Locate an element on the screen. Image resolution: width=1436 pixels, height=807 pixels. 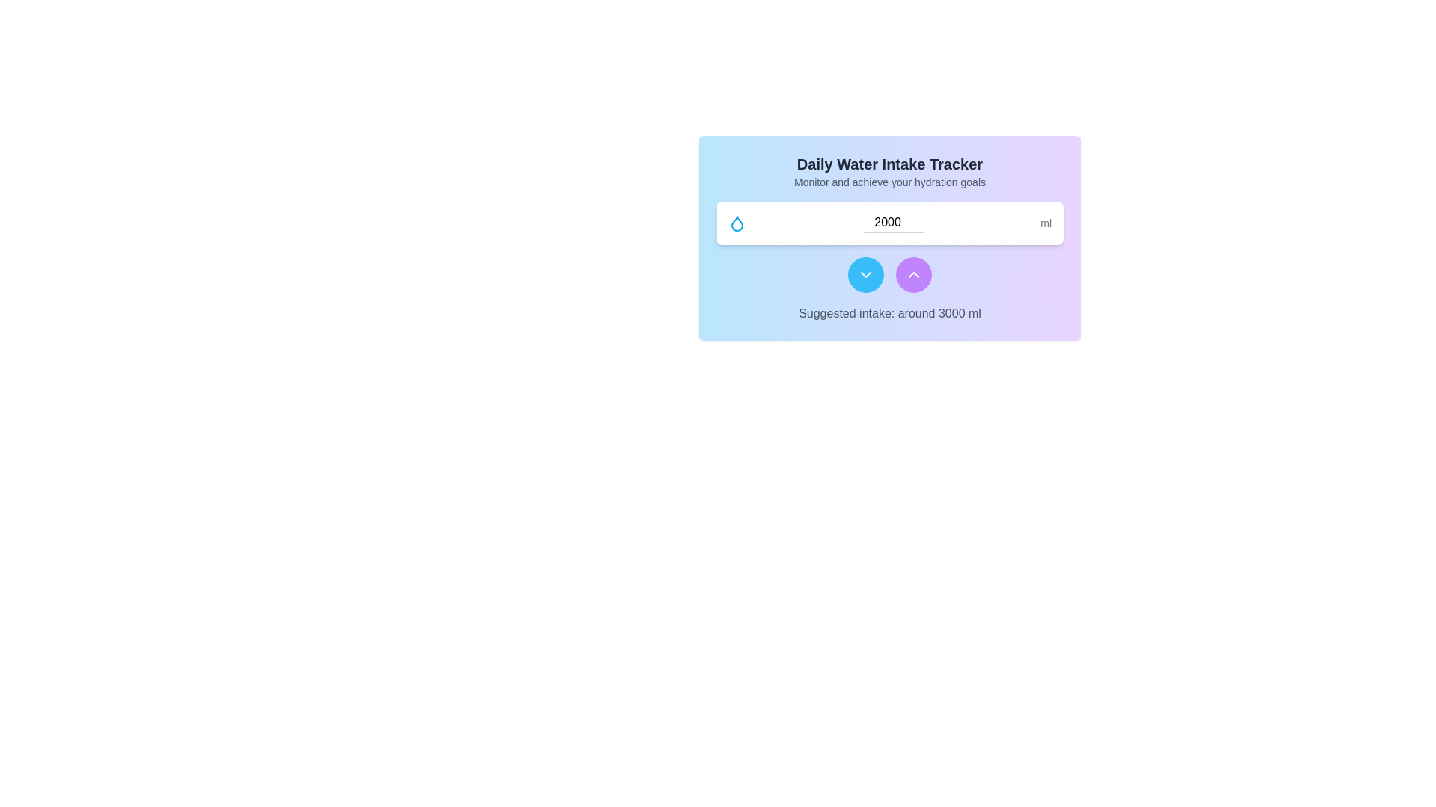
the blue droplet-shaped icon located to the left of the numeric input field labeled '2000' in the 'Daily Water Intake Tracker' card is located at coordinates (737, 223).